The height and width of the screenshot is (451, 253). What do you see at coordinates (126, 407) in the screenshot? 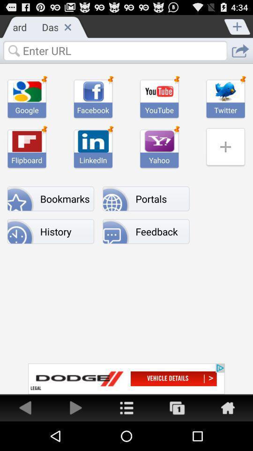
I see `see a list of option button` at bounding box center [126, 407].